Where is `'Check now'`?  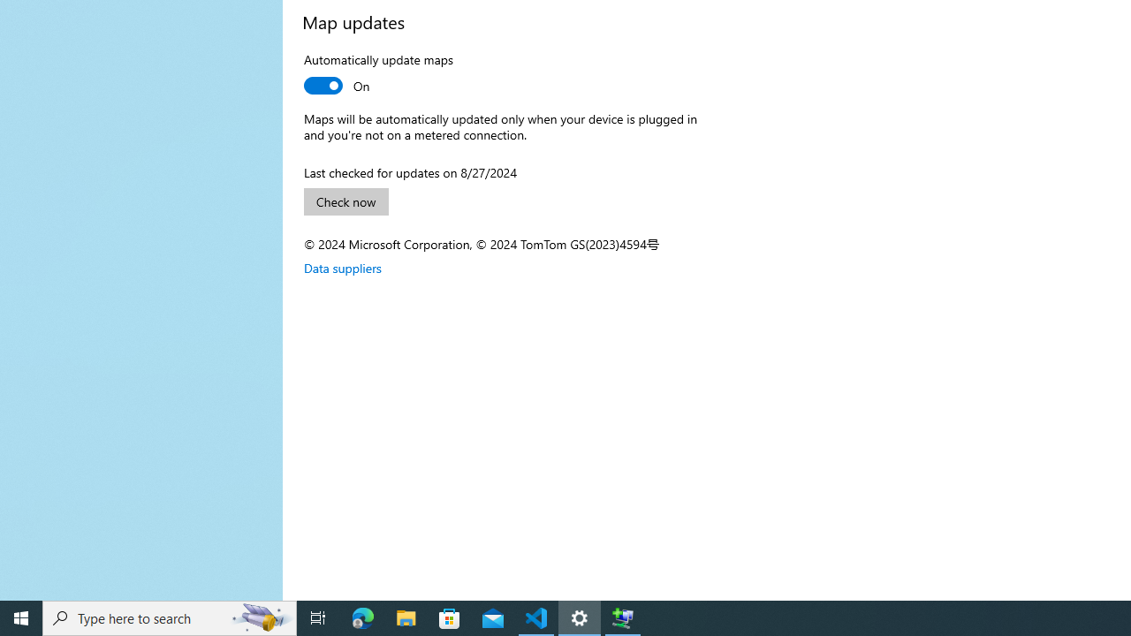 'Check now' is located at coordinates (346, 201).